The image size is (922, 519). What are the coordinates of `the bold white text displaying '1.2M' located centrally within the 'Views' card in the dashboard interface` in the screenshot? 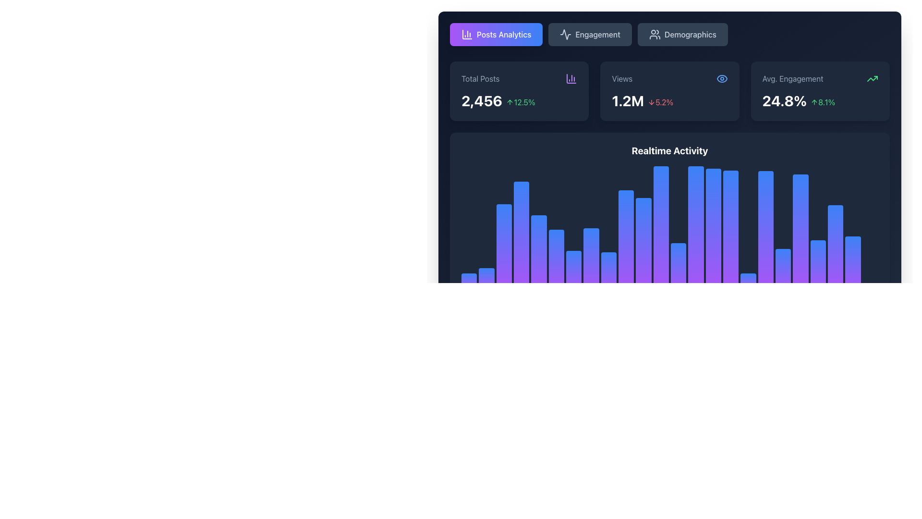 It's located at (628, 100).